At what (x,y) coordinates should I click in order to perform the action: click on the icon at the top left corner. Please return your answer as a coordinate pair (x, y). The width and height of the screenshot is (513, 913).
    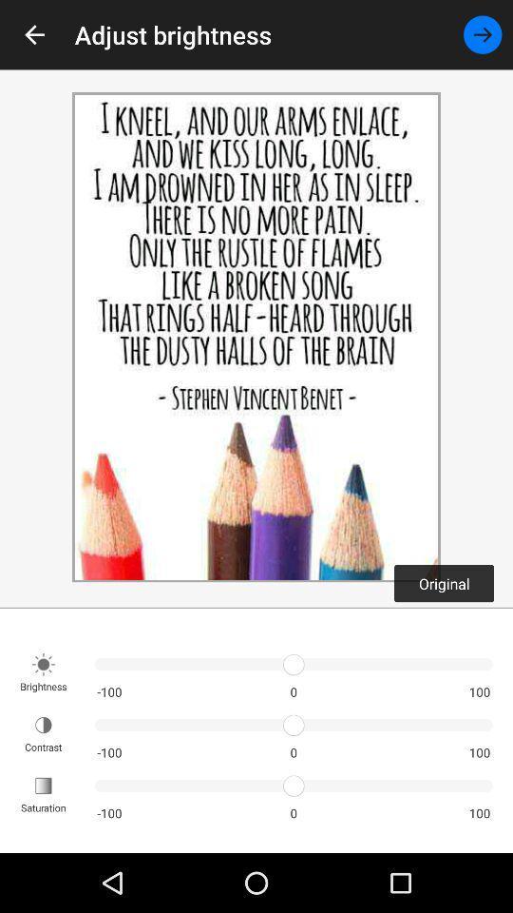
    Looking at the image, I should click on (34, 33).